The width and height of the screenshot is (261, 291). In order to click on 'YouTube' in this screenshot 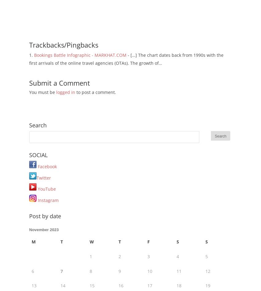, I will do `click(37, 188)`.